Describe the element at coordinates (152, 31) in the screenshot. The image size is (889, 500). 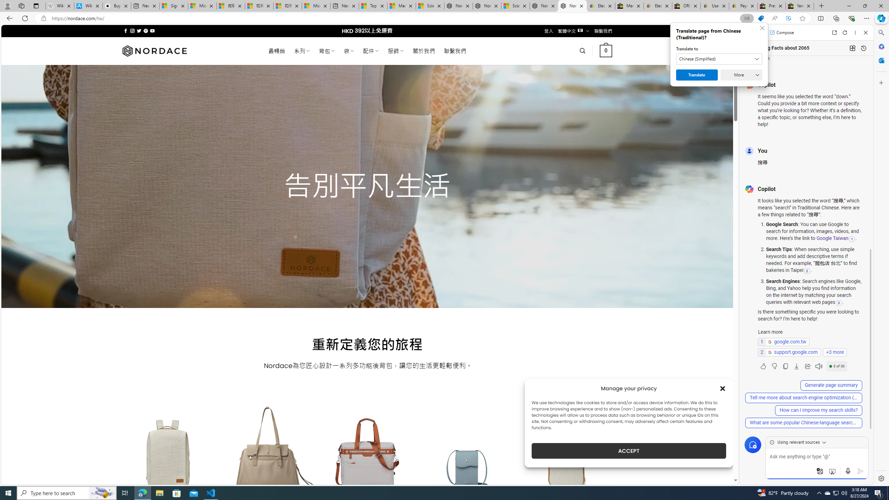
I see `'Follow on YouTube'` at that location.